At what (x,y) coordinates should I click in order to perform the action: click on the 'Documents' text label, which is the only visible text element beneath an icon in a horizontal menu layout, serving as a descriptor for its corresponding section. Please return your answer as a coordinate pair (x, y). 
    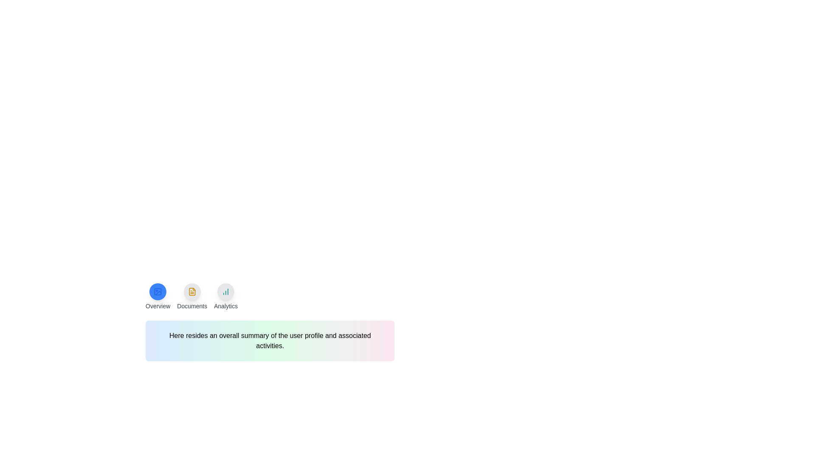
    Looking at the image, I should click on (191, 306).